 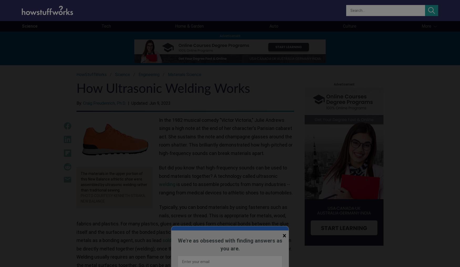 I want to click on 'Auto', so click(x=269, y=26).